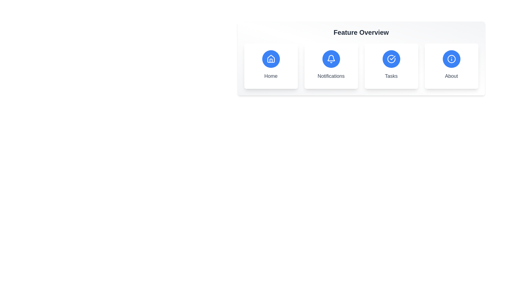 Image resolution: width=530 pixels, height=298 pixels. Describe the element at coordinates (271, 59) in the screenshot. I see `the blue circular interactive icon button with a white house icon, located under the 'Feature Overview' header` at that location.